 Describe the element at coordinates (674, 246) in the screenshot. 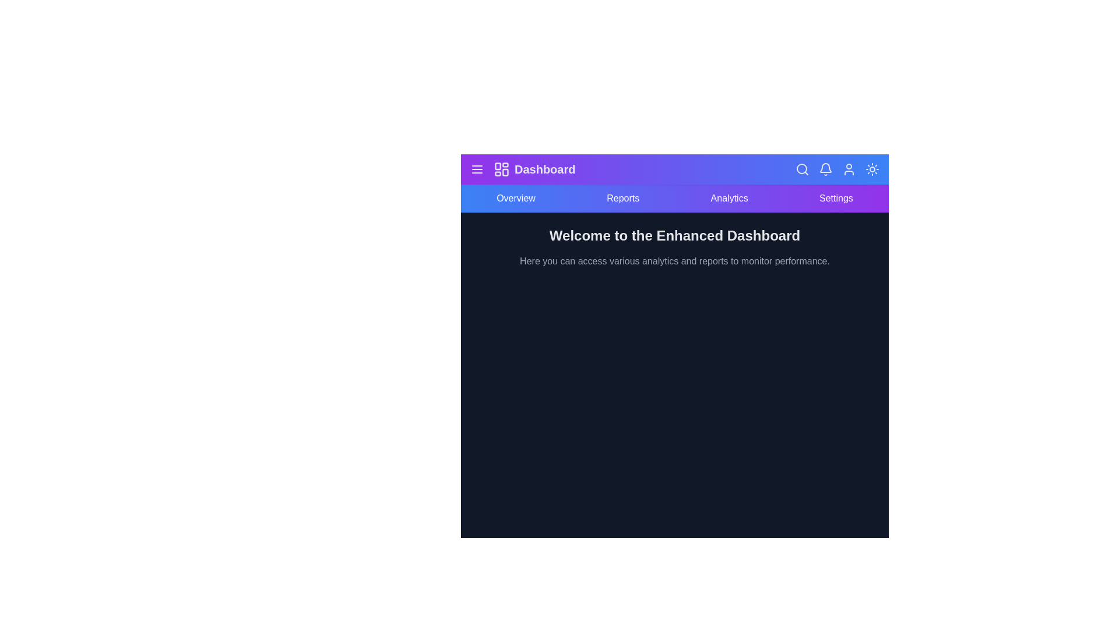

I see `the main content text area` at that location.